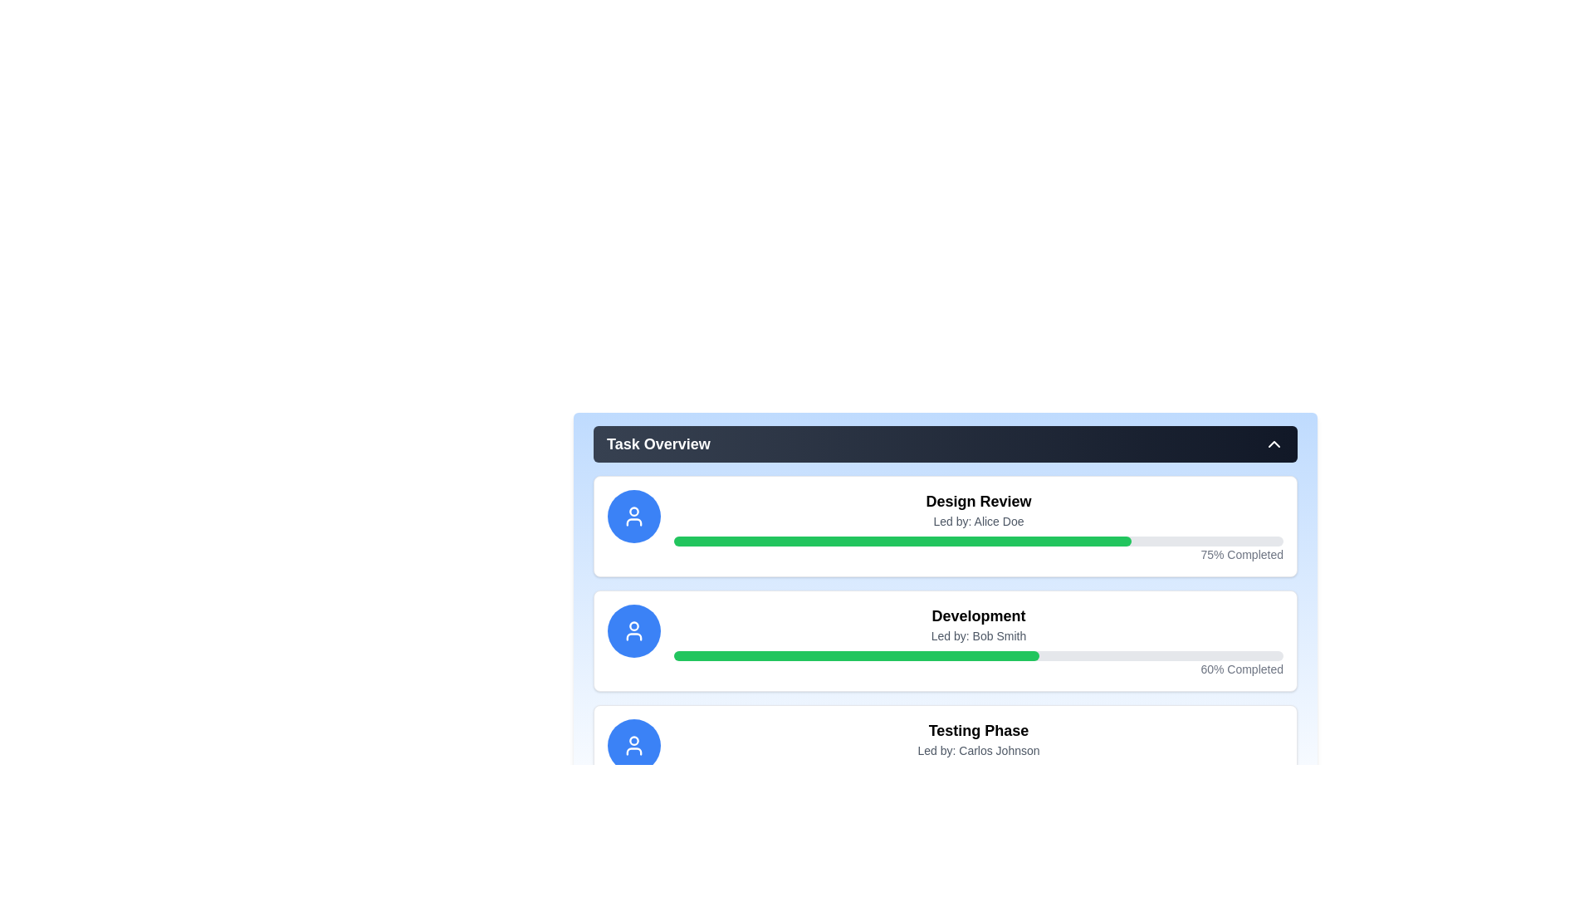 This screenshot has height=897, width=1594. Describe the element at coordinates (658, 444) in the screenshot. I see `the 'Task Overview' text label, which is displayed in bold white font against a dark gradient background` at that location.